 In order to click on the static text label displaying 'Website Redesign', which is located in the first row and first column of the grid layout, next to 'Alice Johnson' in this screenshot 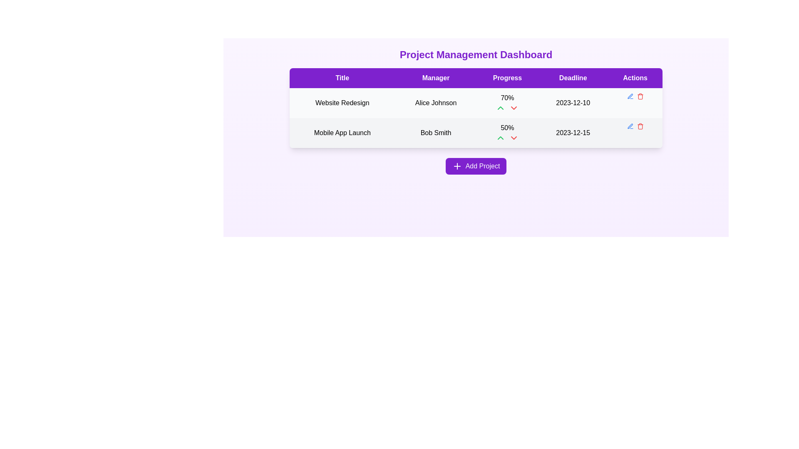, I will do `click(342, 102)`.